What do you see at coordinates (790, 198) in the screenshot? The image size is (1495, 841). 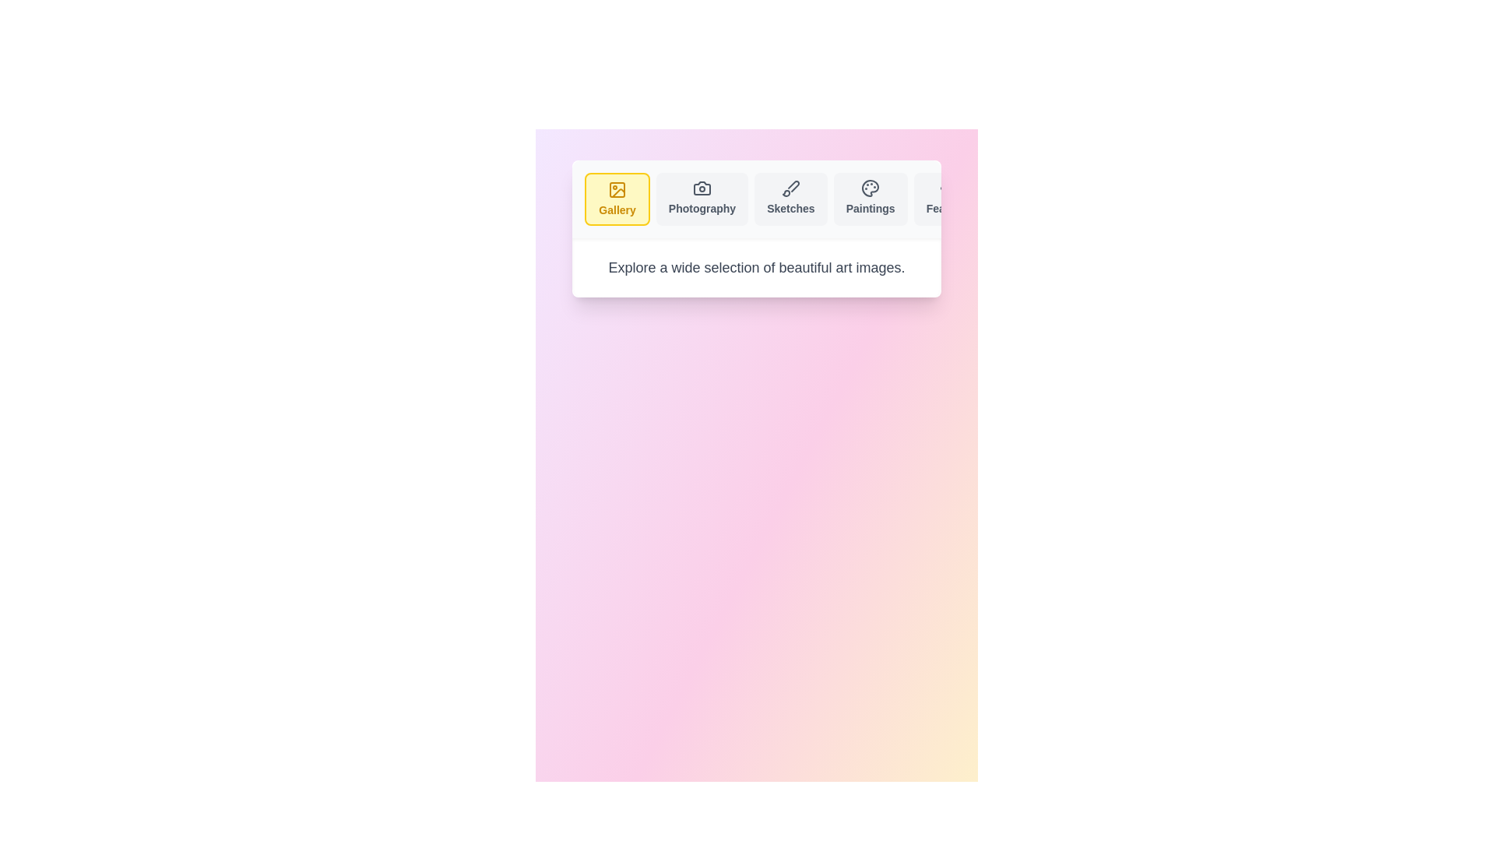 I see `the tab labeled Sketches` at bounding box center [790, 198].